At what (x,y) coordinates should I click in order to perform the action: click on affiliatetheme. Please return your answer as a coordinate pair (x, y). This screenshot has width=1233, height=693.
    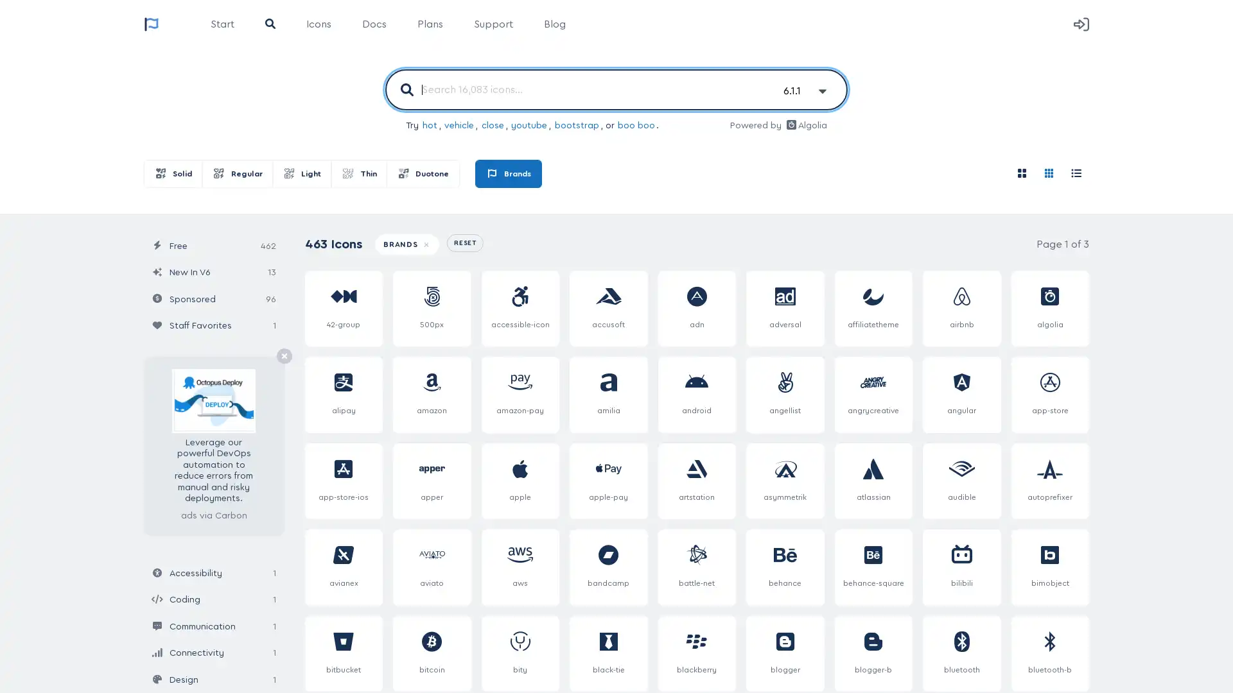
    Looking at the image, I should click on (873, 317).